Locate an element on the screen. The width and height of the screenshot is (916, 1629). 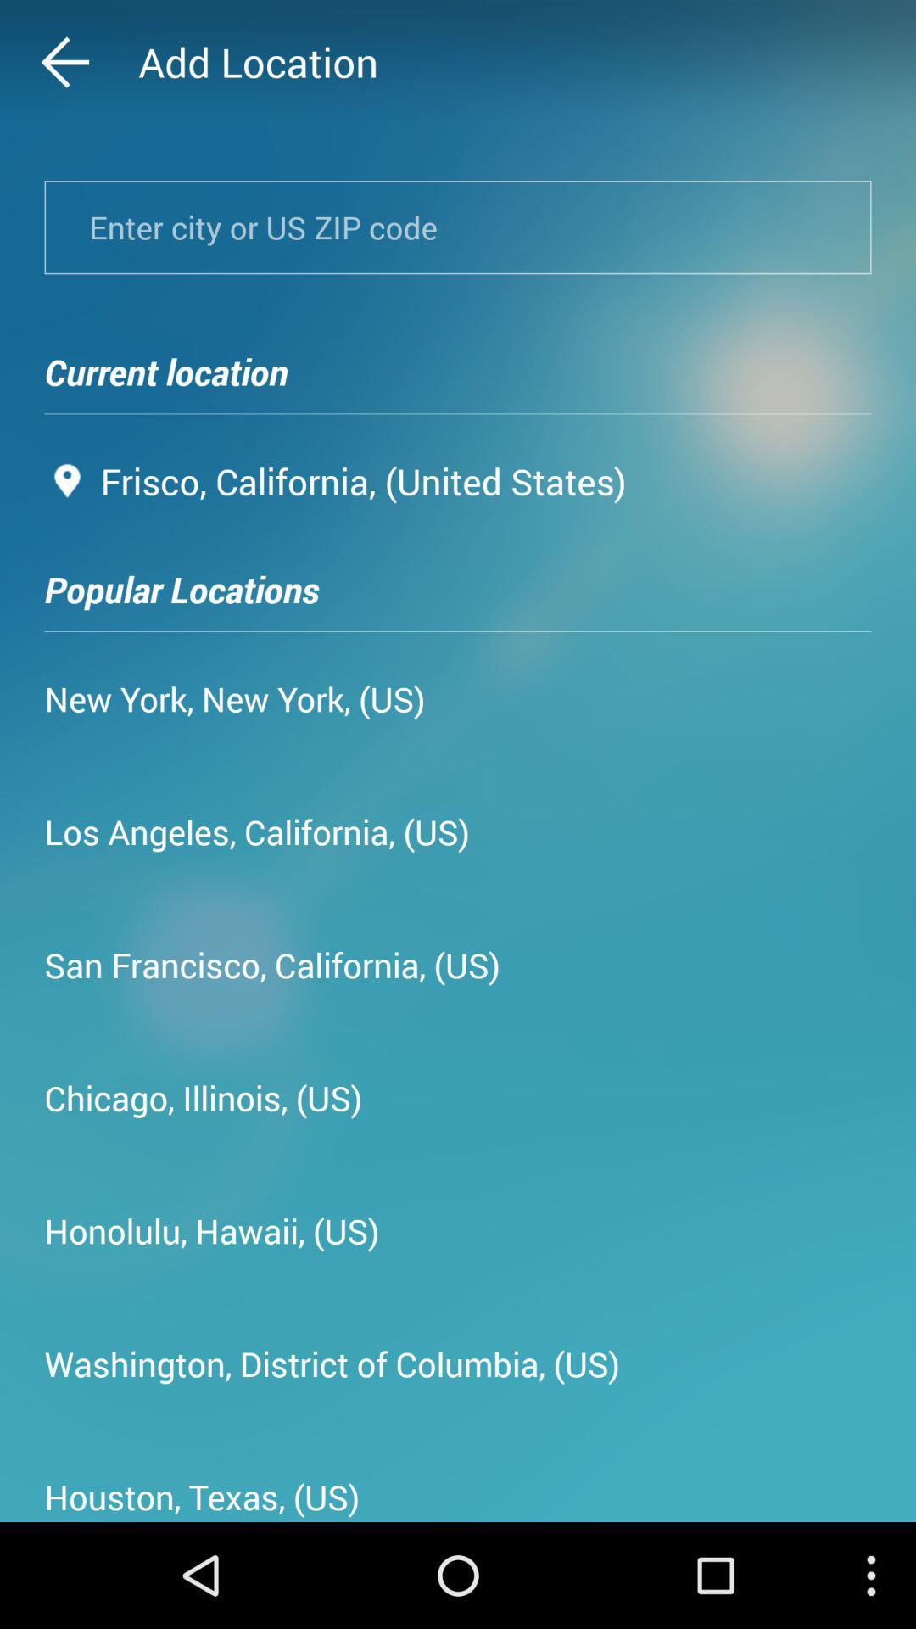
the icon above the chicago, illinois, (us) icon is located at coordinates (271, 965).